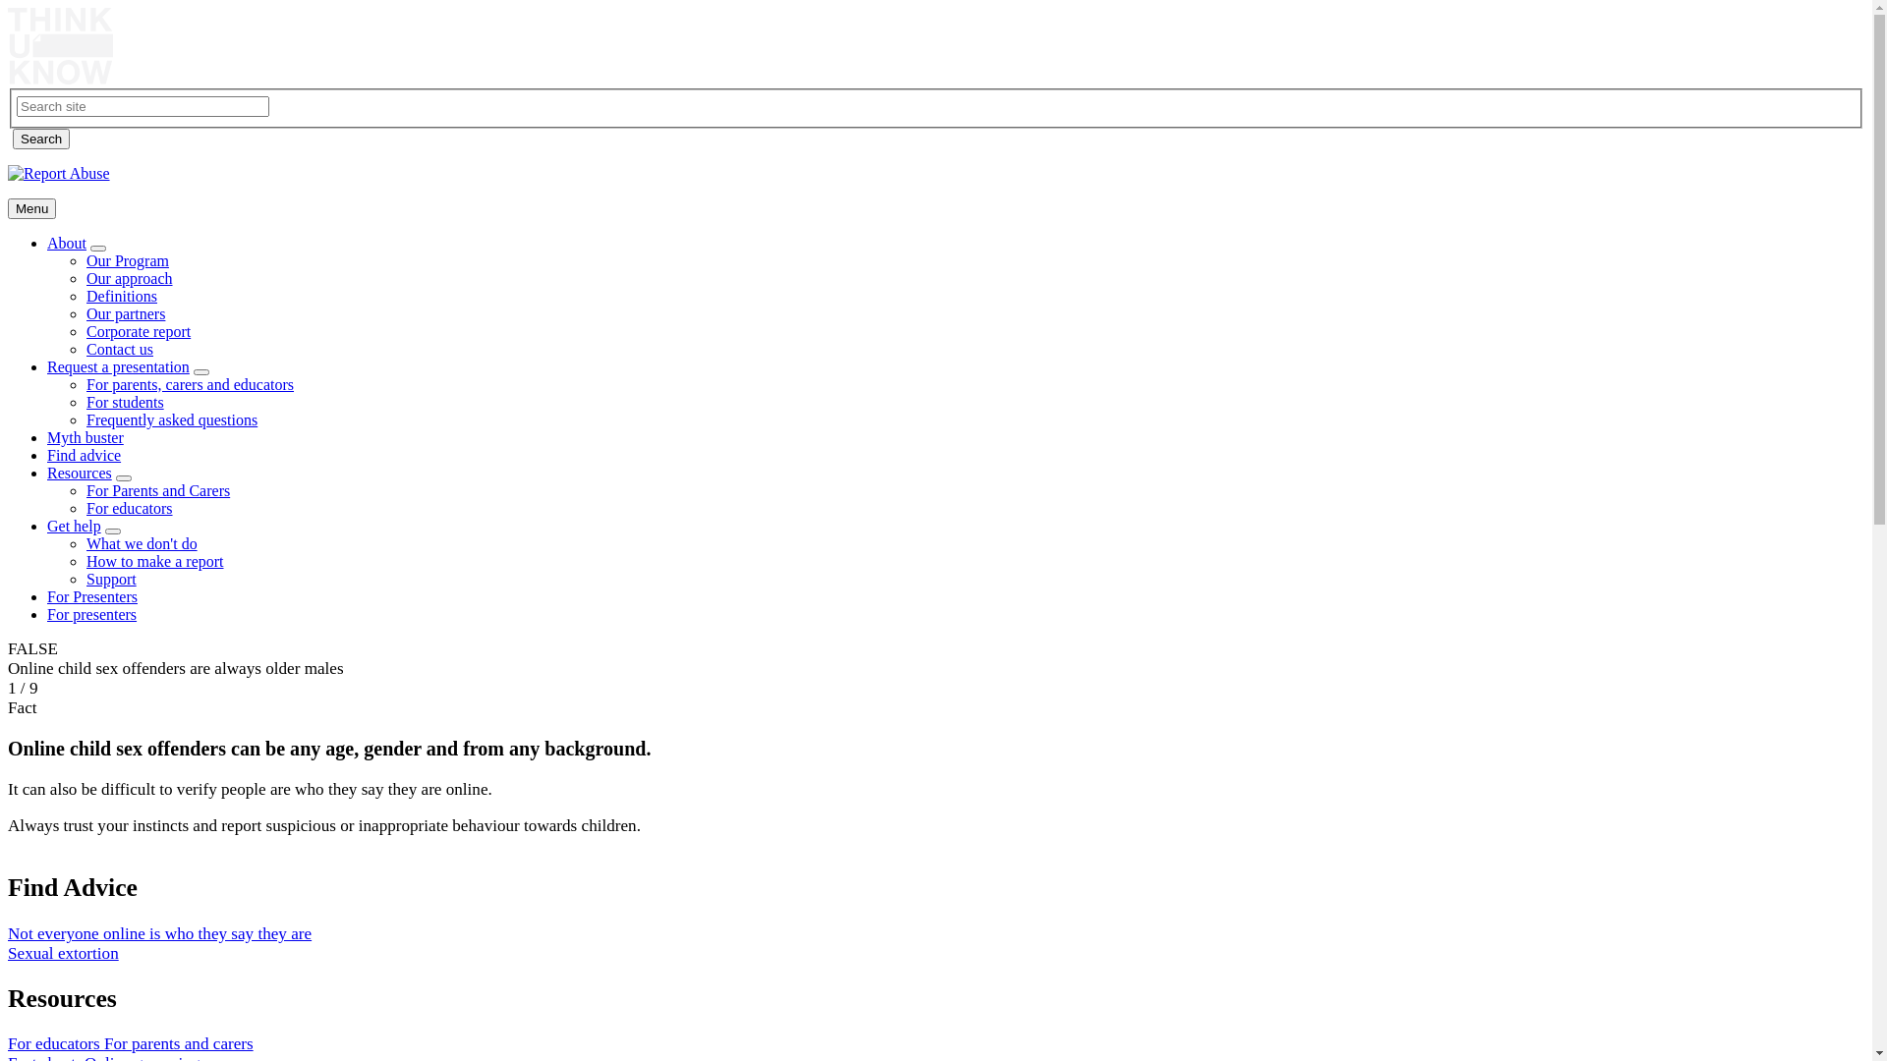 The image size is (1887, 1061). I want to click on 'About', so click(66, 242).